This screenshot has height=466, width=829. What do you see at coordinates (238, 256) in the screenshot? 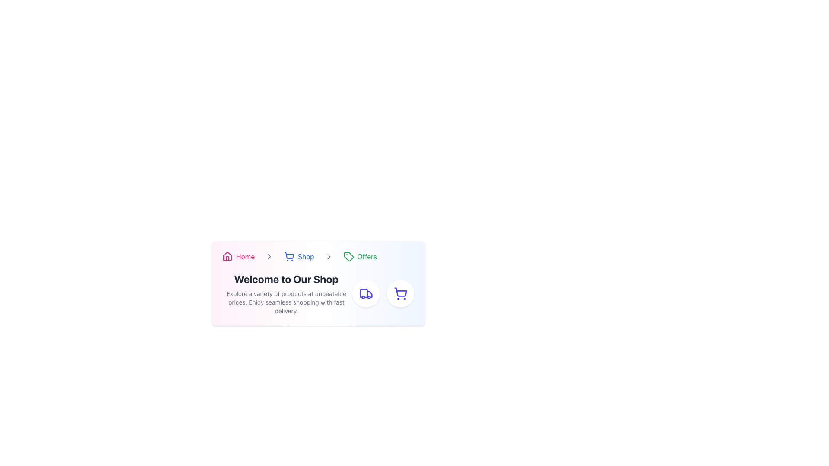
I see `the 'Home' button in the navigation bar` at bounding box center [238, 256].